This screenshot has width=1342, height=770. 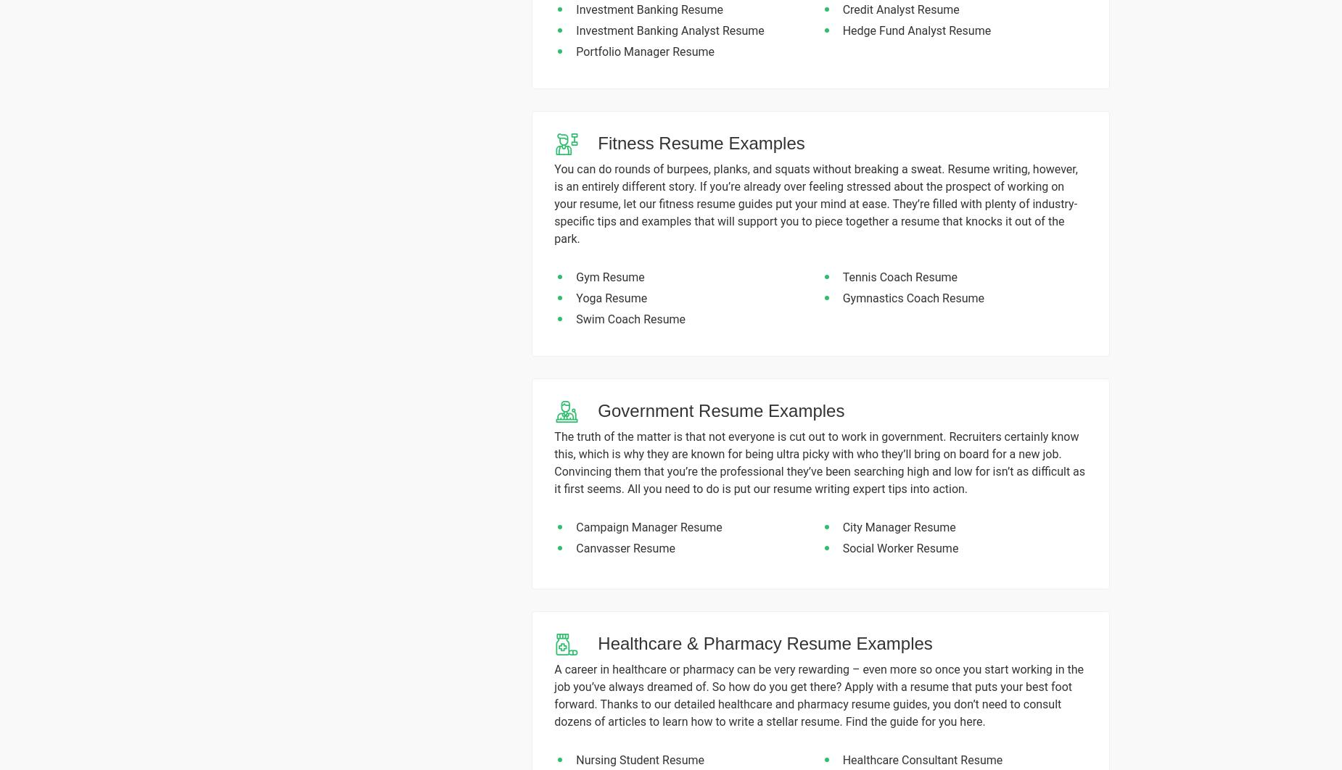 What do you see at coordinates (640, 758) in the screenshot?
I see `'Nursing Student Resume'` at bounding box center [640, 758].